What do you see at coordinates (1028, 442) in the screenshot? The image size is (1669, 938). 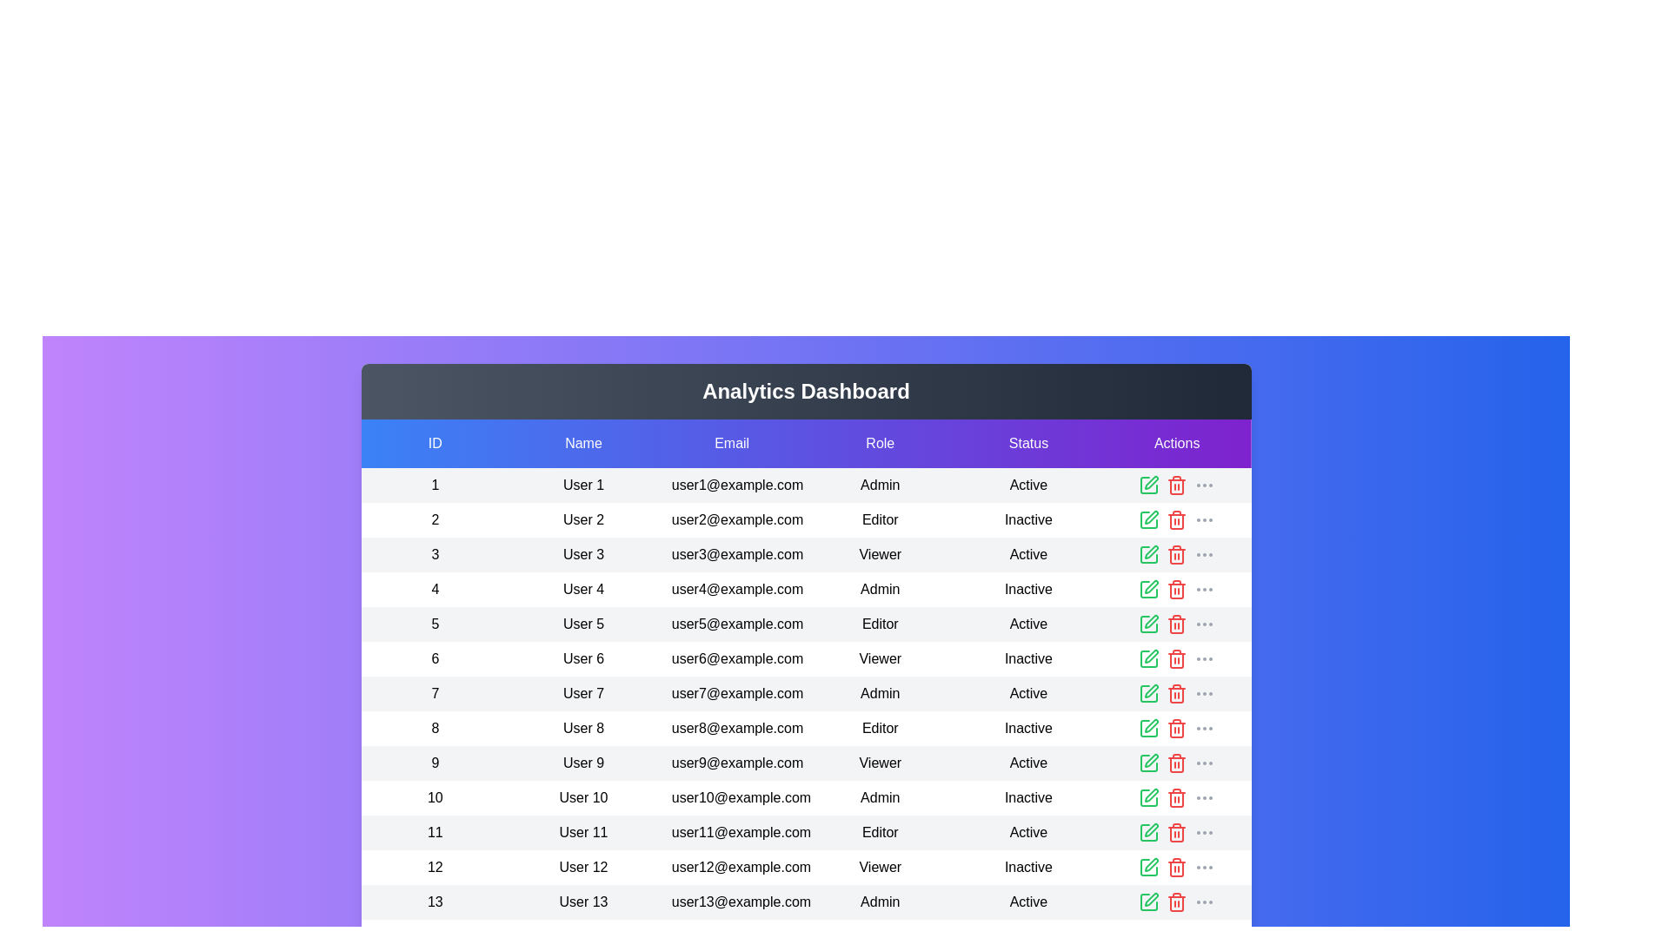 I see `the header of the column labeled 'Status' to sort the table by that column` at bounding box center [1028, 442].